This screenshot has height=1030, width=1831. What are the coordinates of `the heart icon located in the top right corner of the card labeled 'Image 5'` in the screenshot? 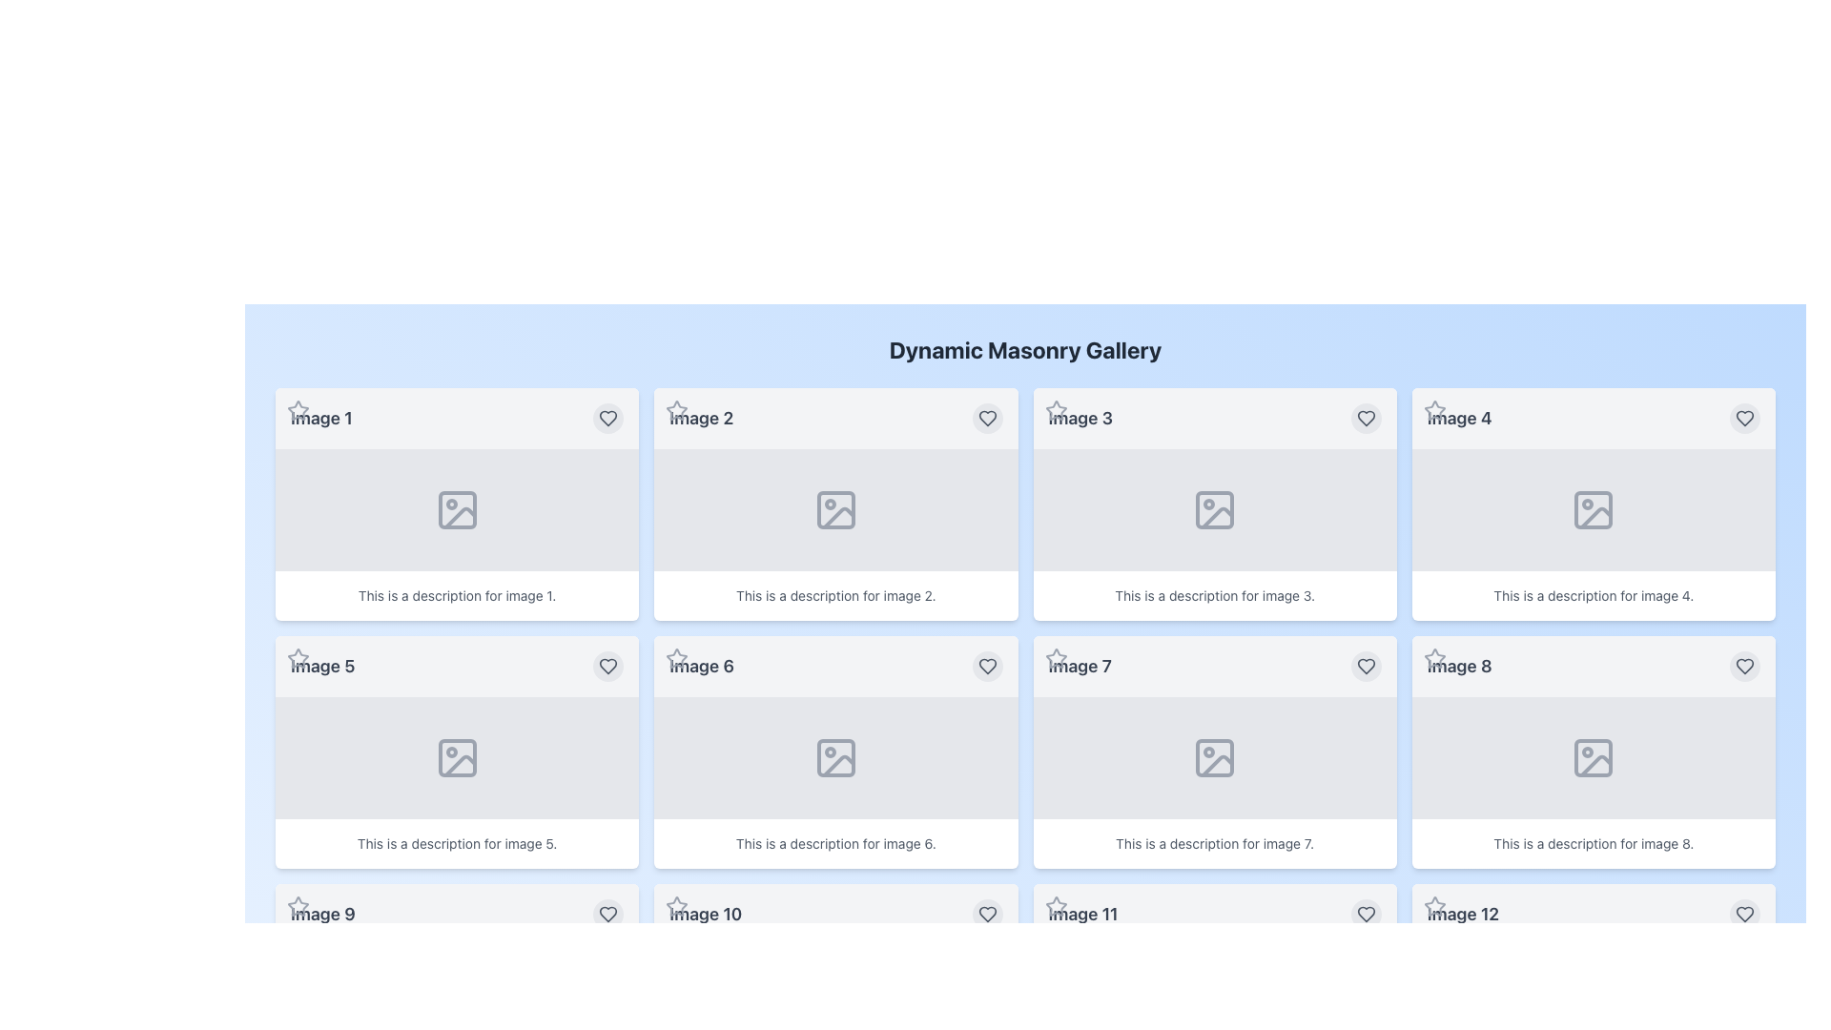 It's located at (607, 665).